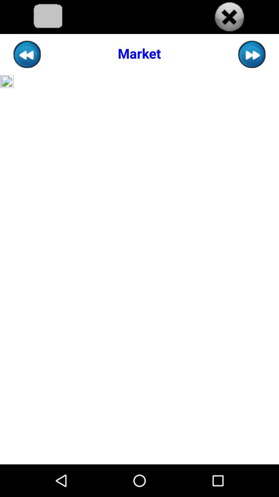  I want to click on the av_rewind icon, so click(27, 58).